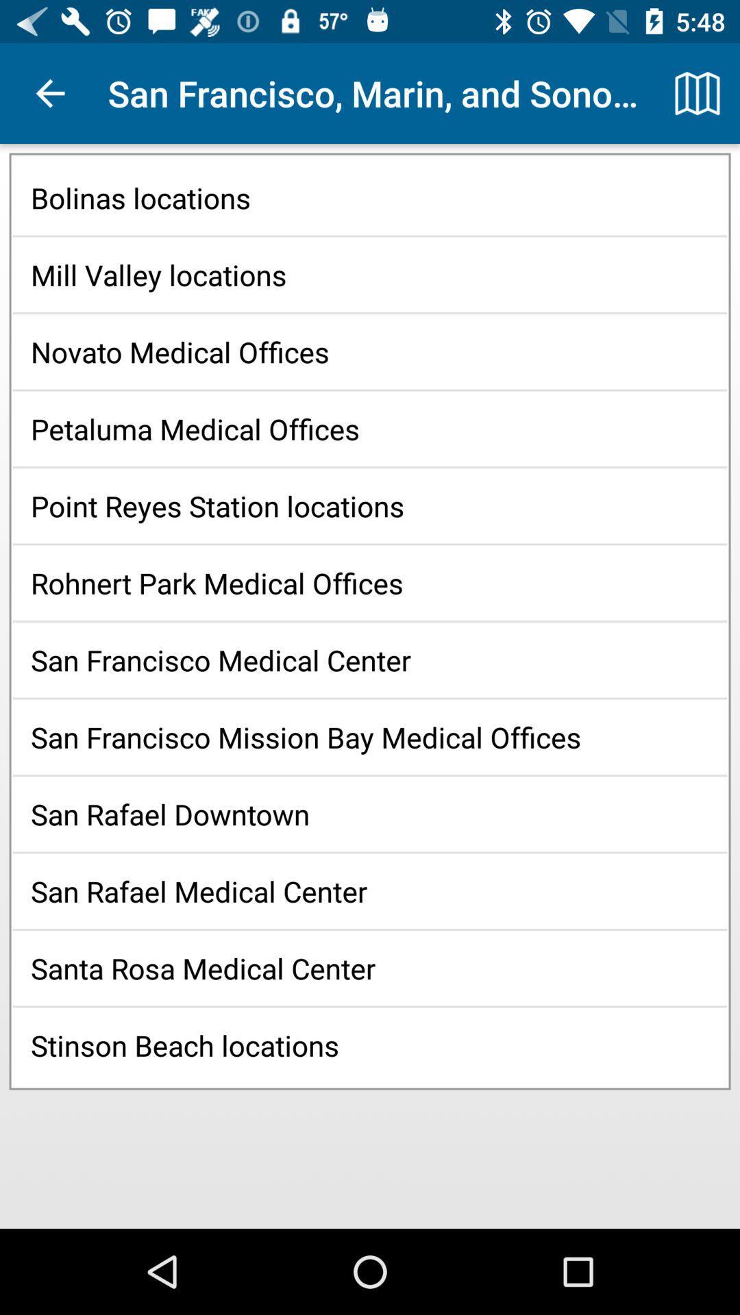  What do you see at coordinates (697, 92) in the screenshot?
I see `icon above bolinas locations icon` at bounding box center [697, 92].